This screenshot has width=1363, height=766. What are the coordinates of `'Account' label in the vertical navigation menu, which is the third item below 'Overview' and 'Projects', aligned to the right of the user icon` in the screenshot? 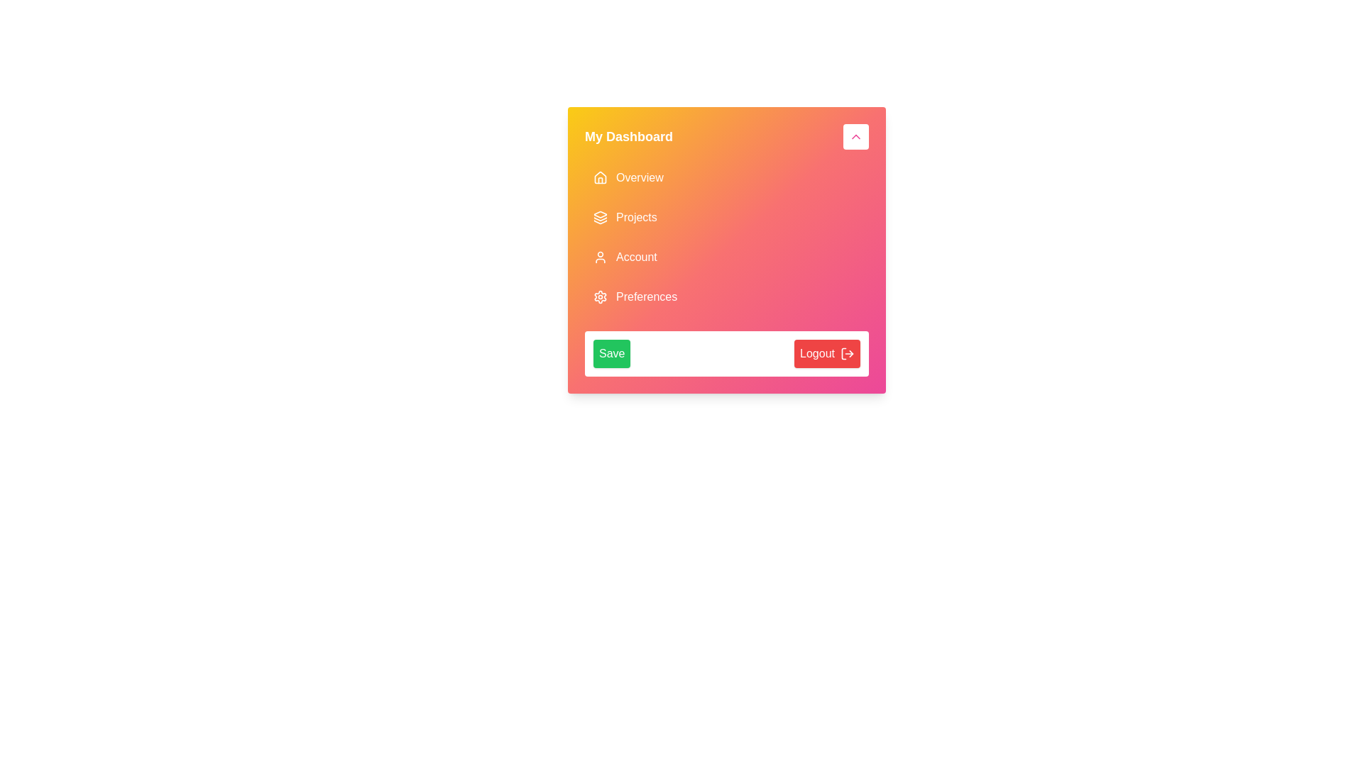 It's located at (635, 257).